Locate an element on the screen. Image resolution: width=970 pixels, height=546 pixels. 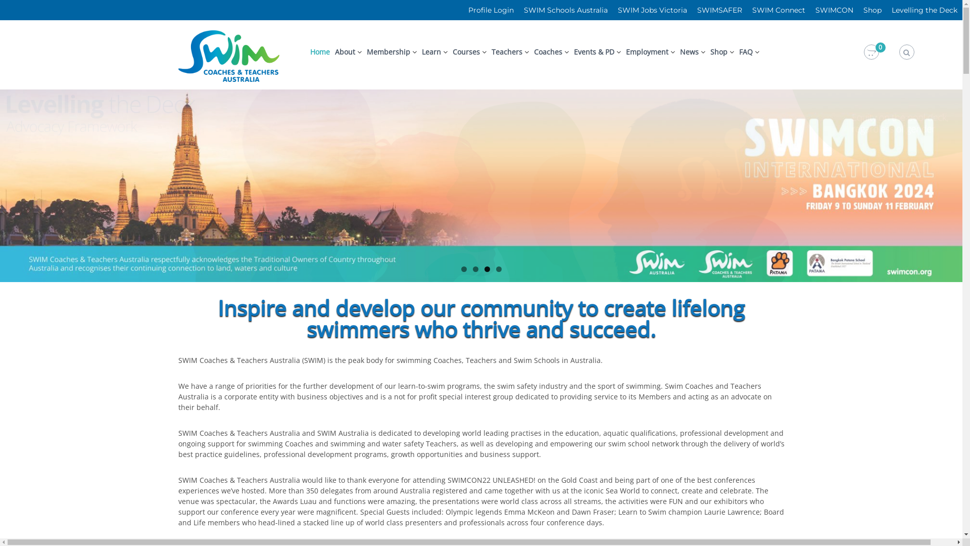
'SWIM Connect' is located at coordinates (778, 10).